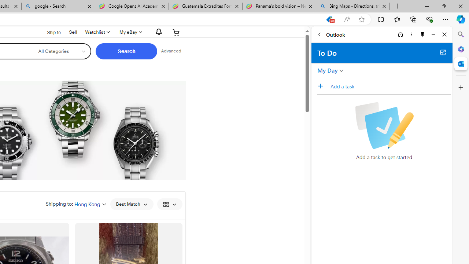  What do you see at coordinates (390, 86) in the screenshot?
I see `'Add a task'` at bounding box center [390, 86].